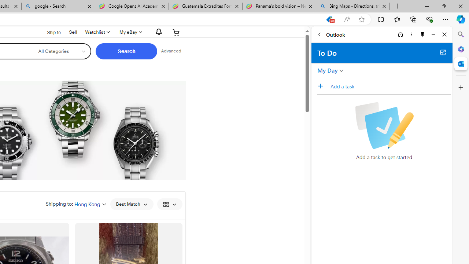  What do you see at coordinates (390, 86) in the screenshot?
I see `'Add a task'` at bounding box center [390, 86].